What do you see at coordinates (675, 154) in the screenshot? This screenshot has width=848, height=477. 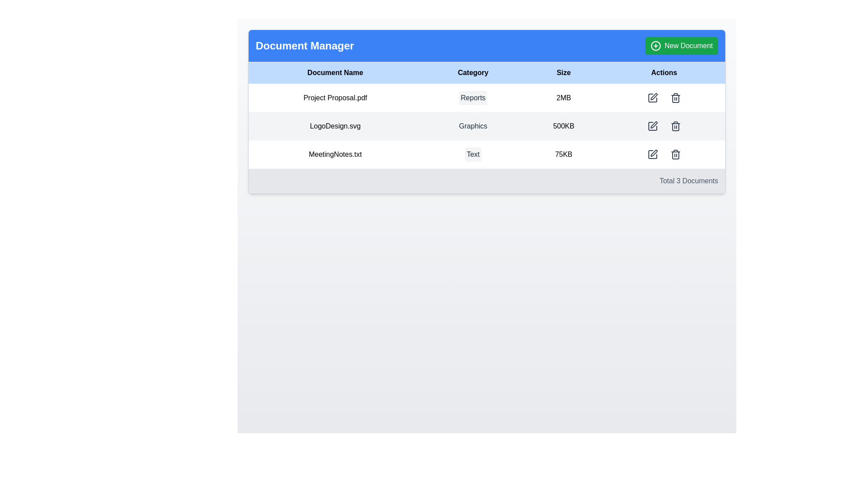 I see `the square button with a trashcan icon located in the bottom row of the document table under the 'Actions' column, which is the second button in the action buttons group` at bounding box center [675, 154].